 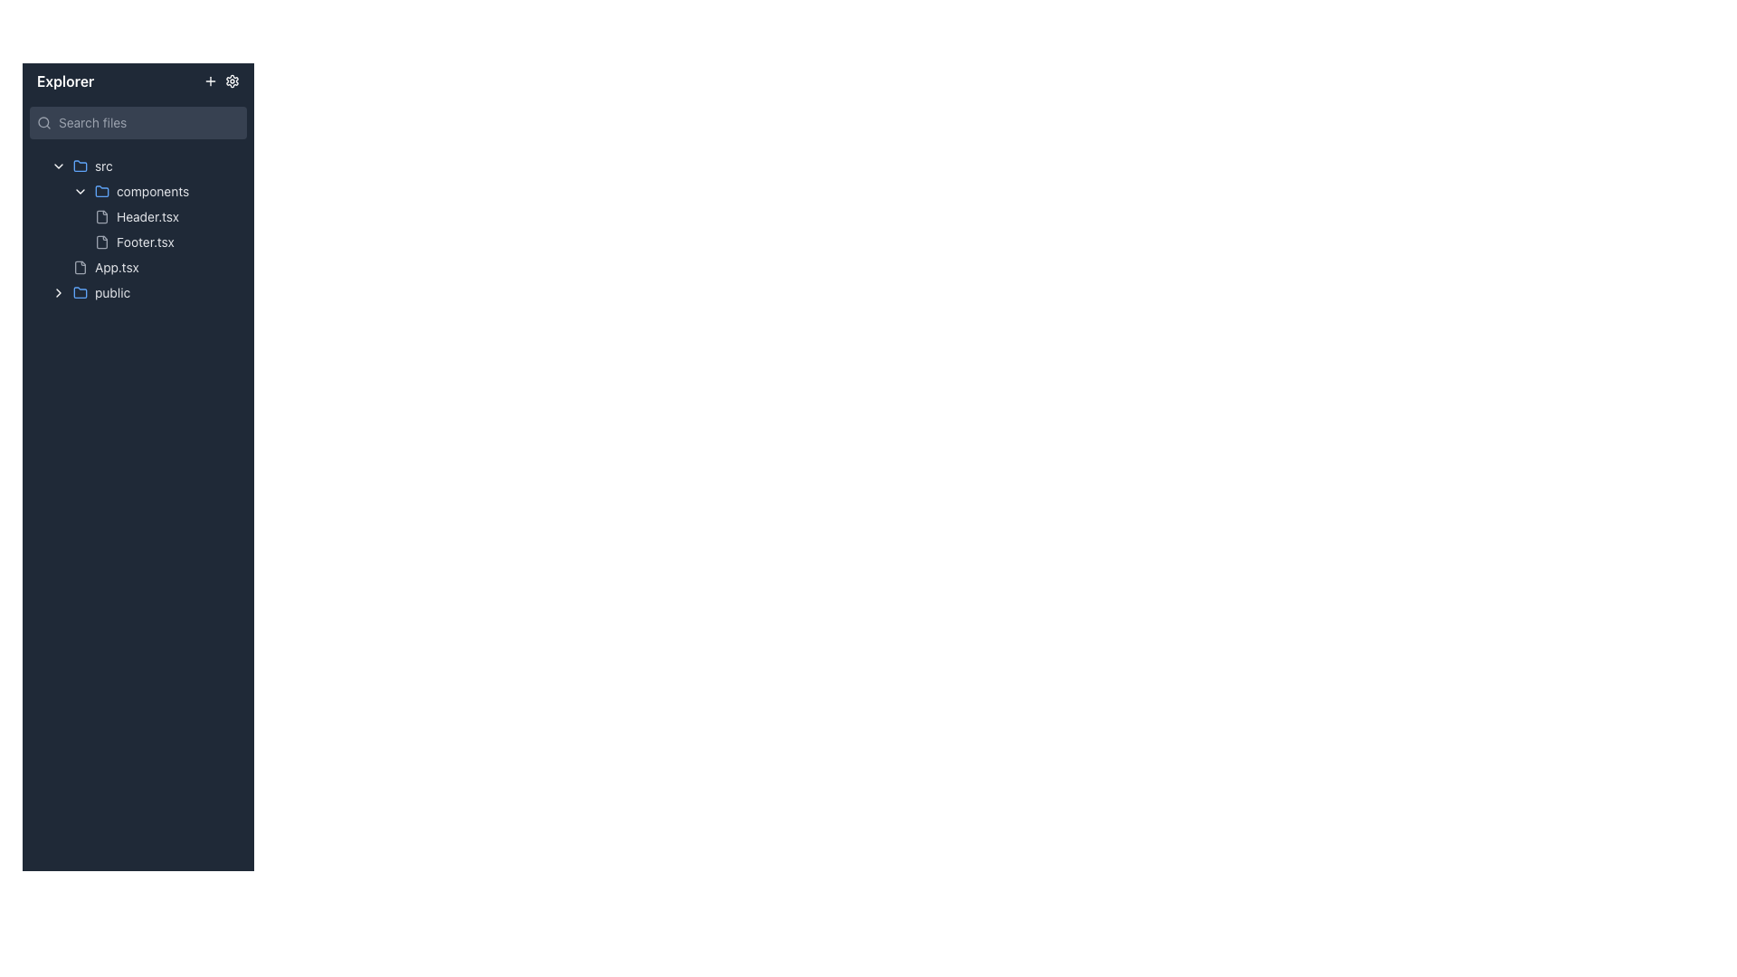 What do you see at coordinates (156, 268) in the screenshot?
I see `the clickable file item labeled 'App.tsx' located under the 'src' directory in the sidebar file explorer` at bounding box center [156, 268].